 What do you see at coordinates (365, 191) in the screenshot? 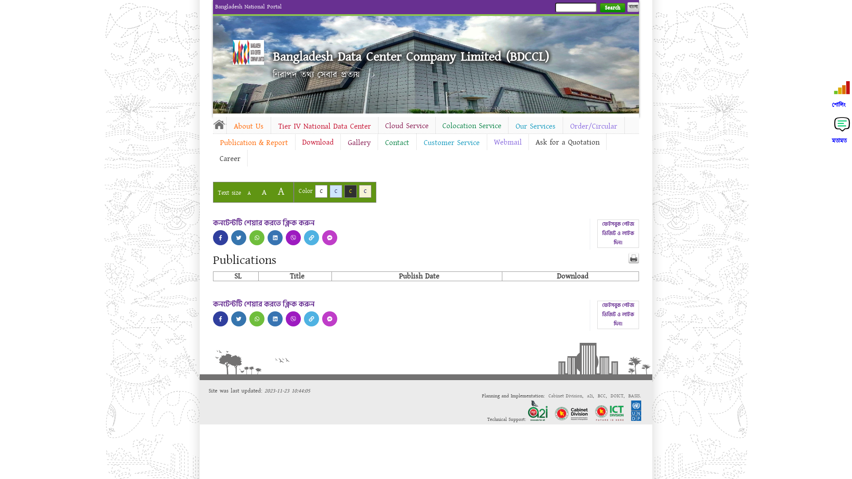
I see `'C'` at bounding box center [365, 191].